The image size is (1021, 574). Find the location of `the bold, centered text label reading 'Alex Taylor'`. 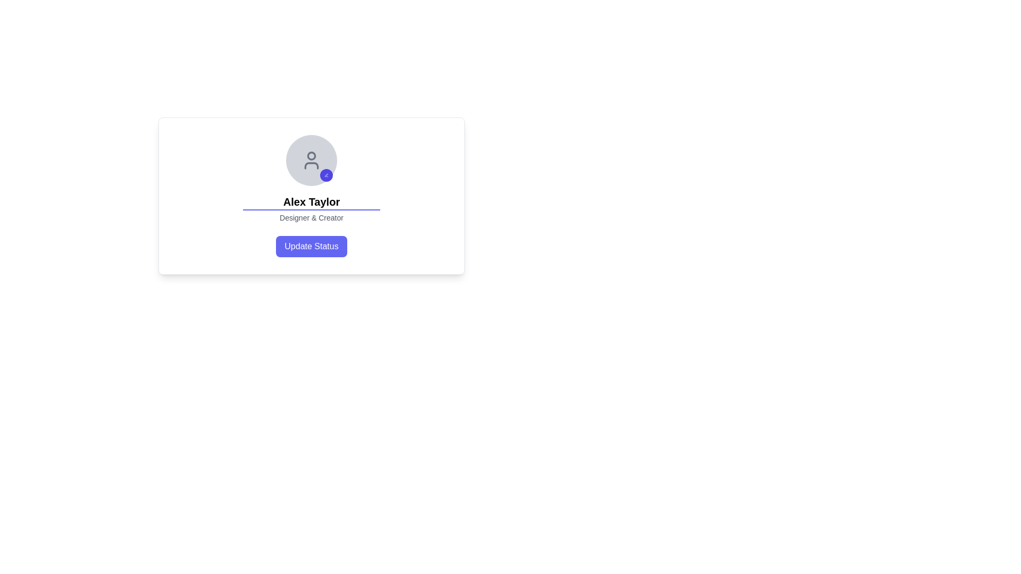

the bold, centered text label reading 'Alex Taylor' is located at coordinates (311, 202).